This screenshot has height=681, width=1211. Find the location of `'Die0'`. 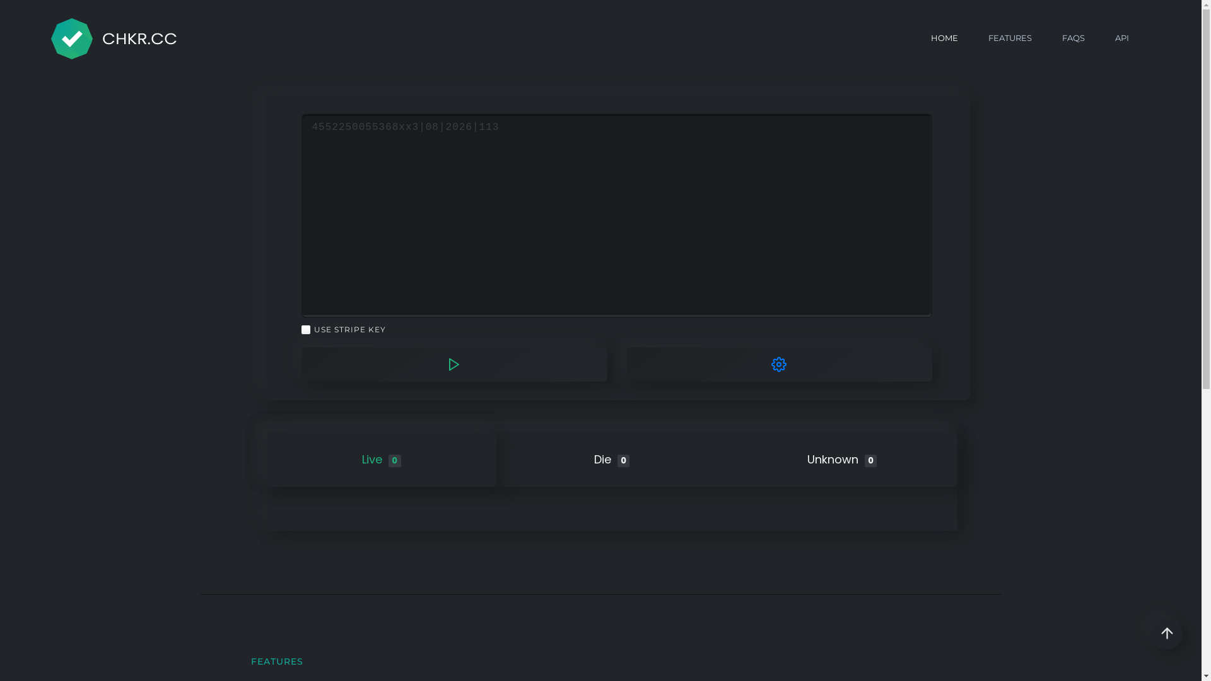

'Die0' is located at coordinates (612, 459).